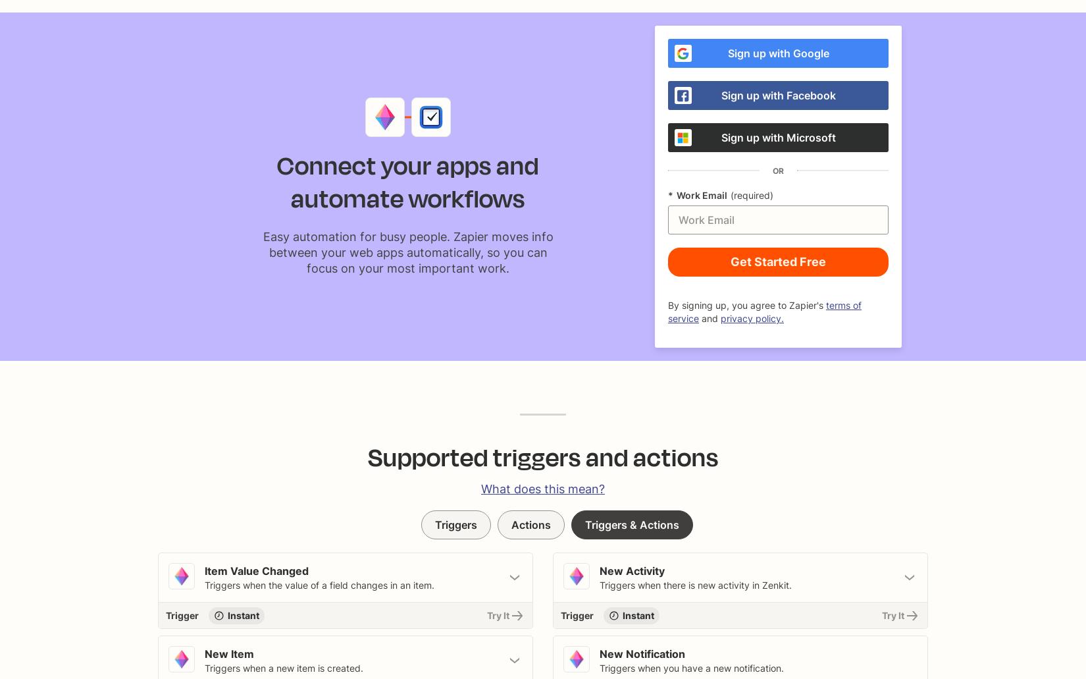 The width and height of the screenshot is (1086, 679). What do you see at coordinates (720, 94) in the screenshot?
I see `'Sign up with Facebook'` at bounding box center [720, 94].